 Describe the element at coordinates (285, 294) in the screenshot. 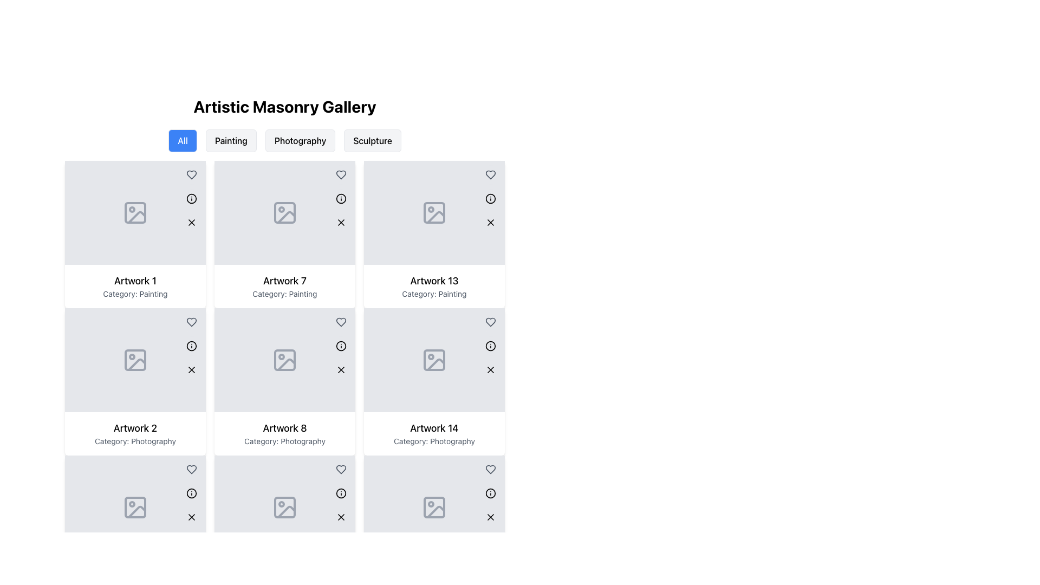

I see `the text label that displays 'Category: Painting', which is styled in gray and positioned below 'Artwork 7'` at that location.